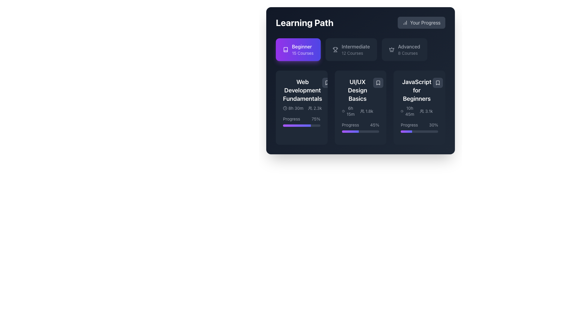 Image resolution: width=575 pixels, height=323 pixels. Describe the element at coordinates (429, 111) in the screenshot. I see `the static text displaying '3.1k', which is positioned adjacent to a group of people icon within the card titled 'JavaScript for Beginners'` at that location.